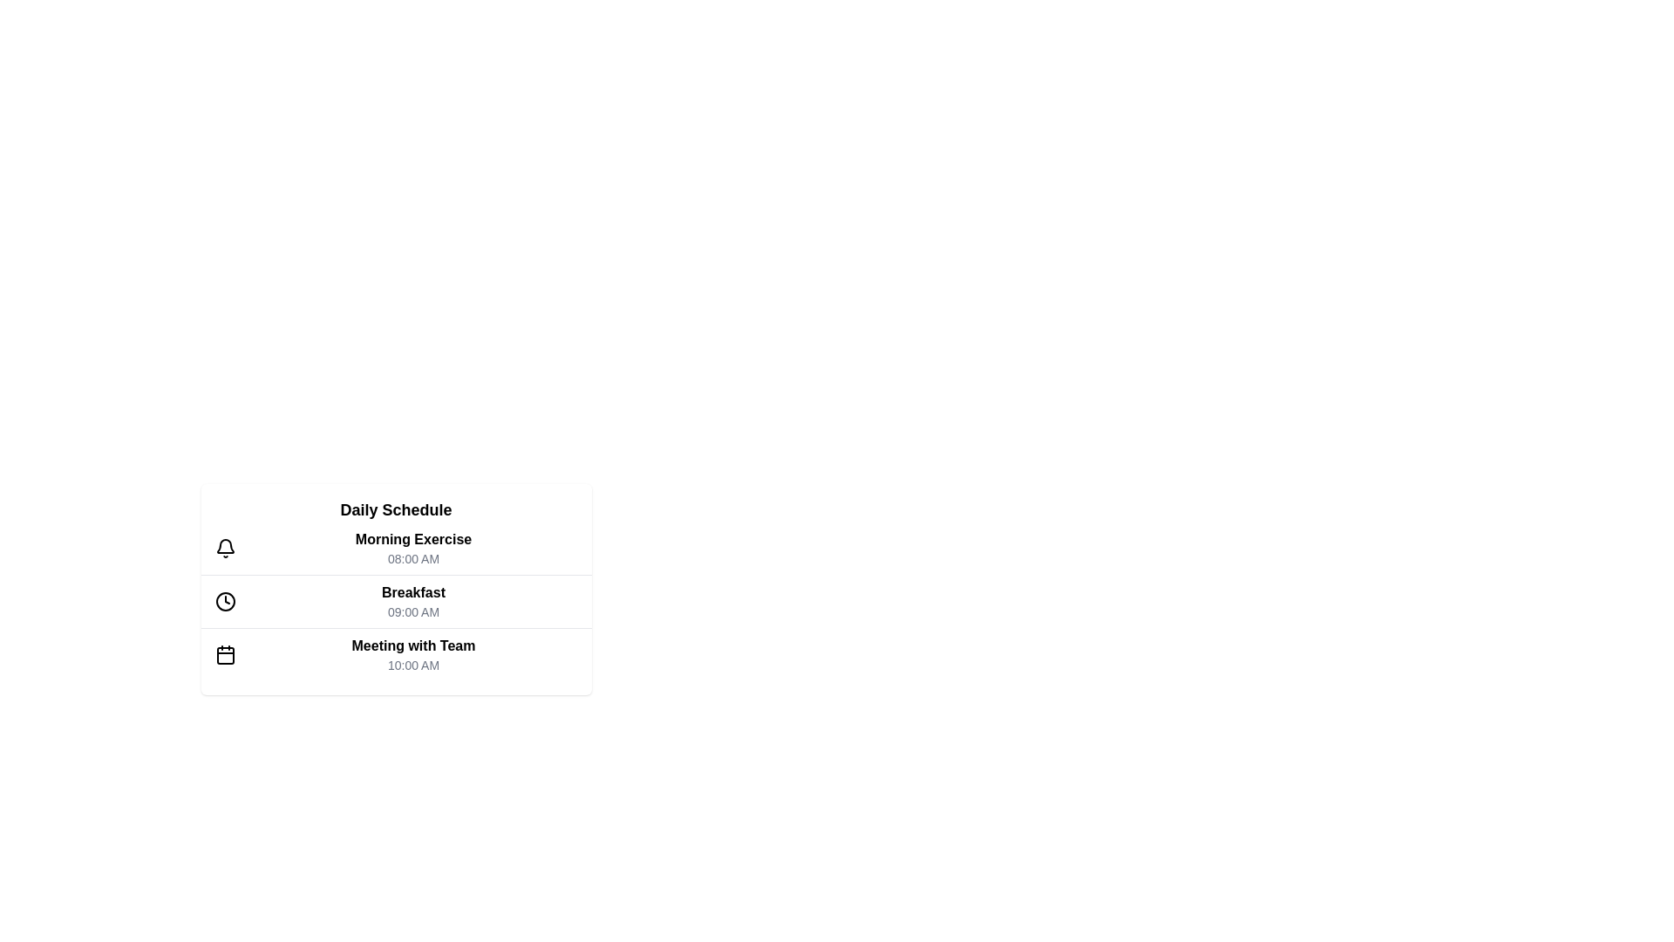 The height and width of the screenshot is (942, 1674). I want to click on the time icon representing the 'Breakfast' schedule entry, located on the second row of the schedule list, to the left of the text 'Breakfast' and above '09:00 AM', so click(224, 601).